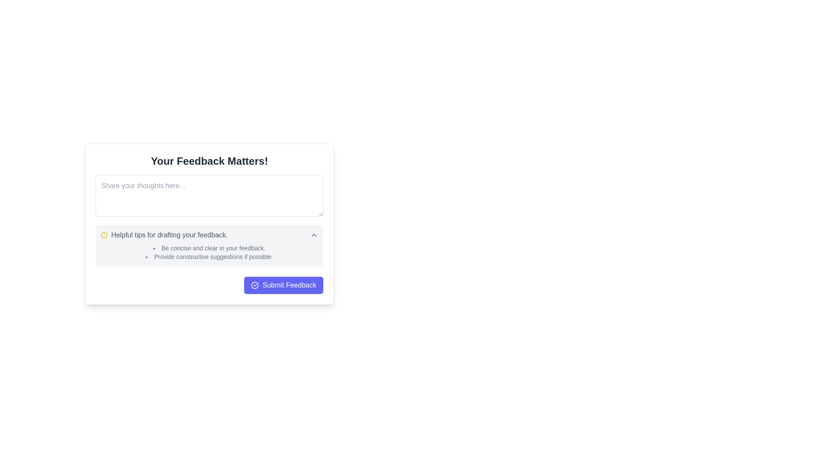  What do you see at coordinates (209, 245) in the screenshot?
I see `the Informational Section with Toggle that provides helpful tips for writing feedback, located below the text input field and above the submit button` at bounding box center [209, 245].